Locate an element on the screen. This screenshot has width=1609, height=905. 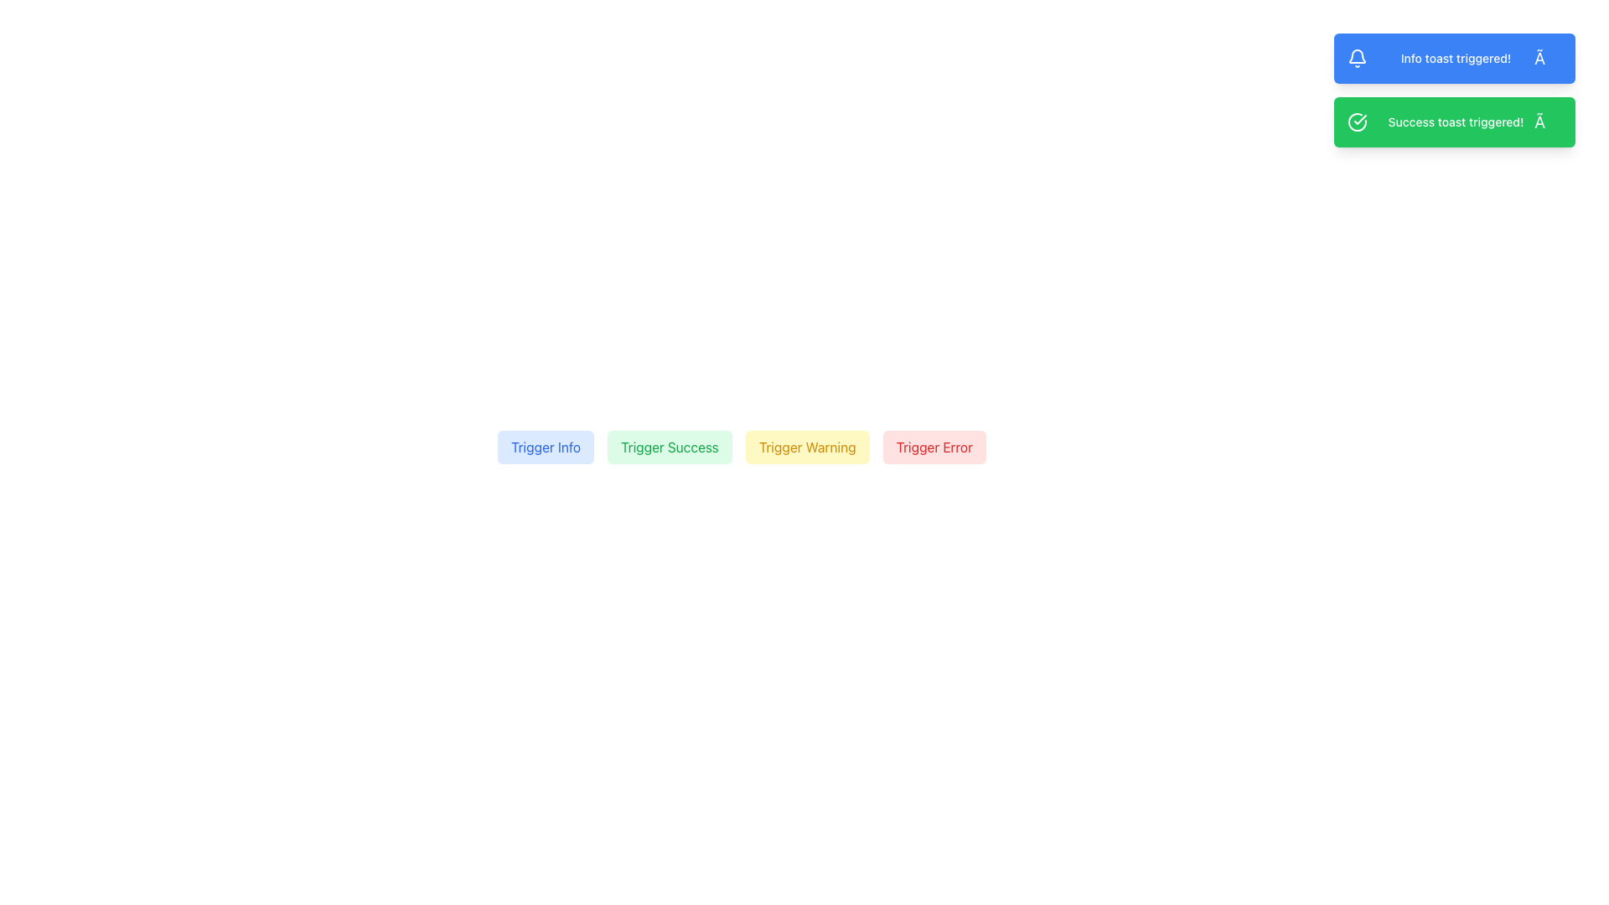
the appearance of the notification bell icon located on the left side of the notification banner with the text 'Info toast triggered!' is located at coordinates (1358, 57).